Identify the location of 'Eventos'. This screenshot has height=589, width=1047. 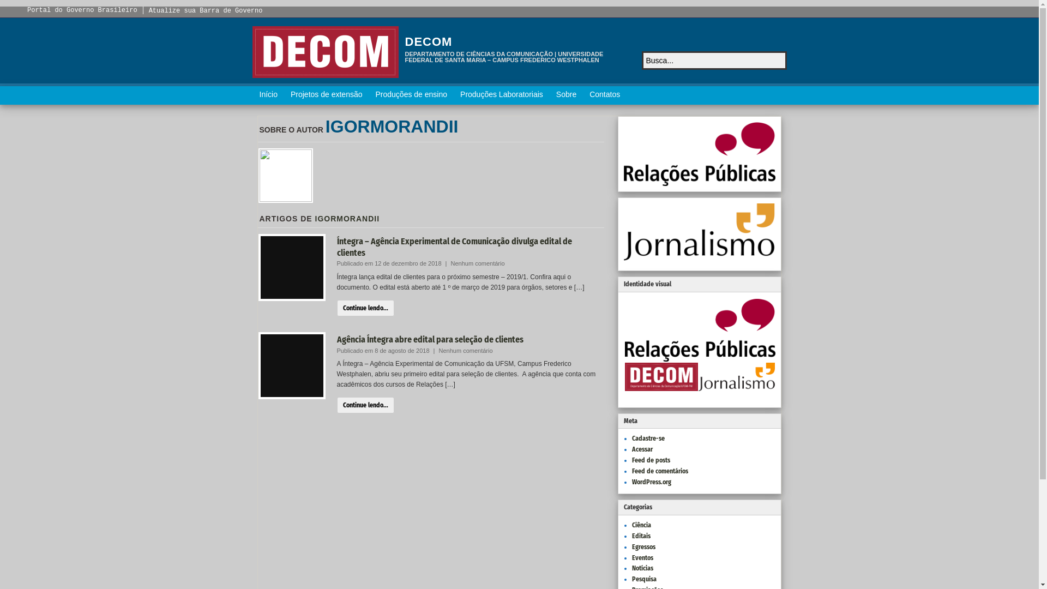
(631, 557).